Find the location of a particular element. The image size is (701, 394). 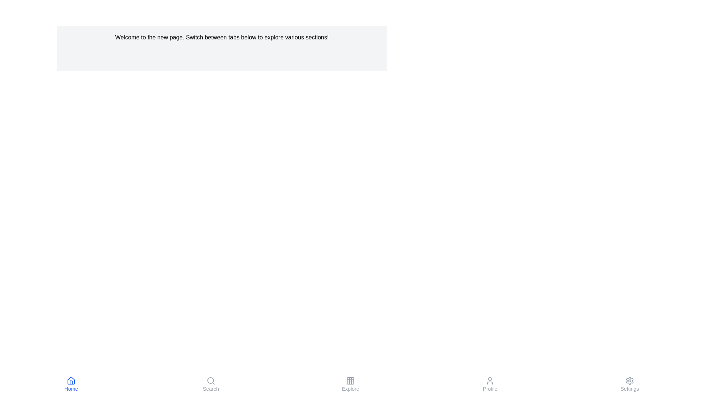

the 'Profile' button, which features a bust icon above the text in small, gray font, located in the bottom navigation bar as the fourth element from the left is located at coordinates (490, 384).